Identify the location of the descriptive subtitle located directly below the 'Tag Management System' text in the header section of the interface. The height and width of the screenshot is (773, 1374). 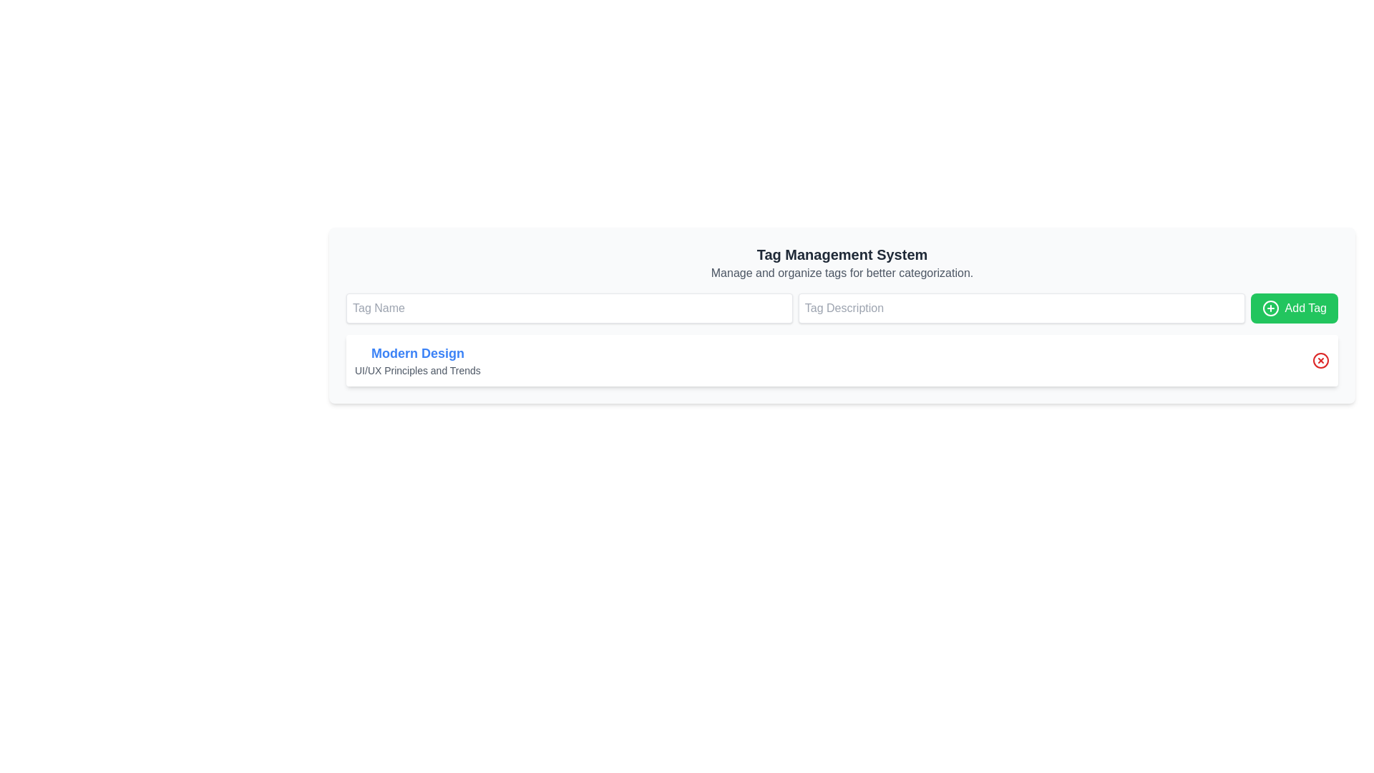
(842, 273).